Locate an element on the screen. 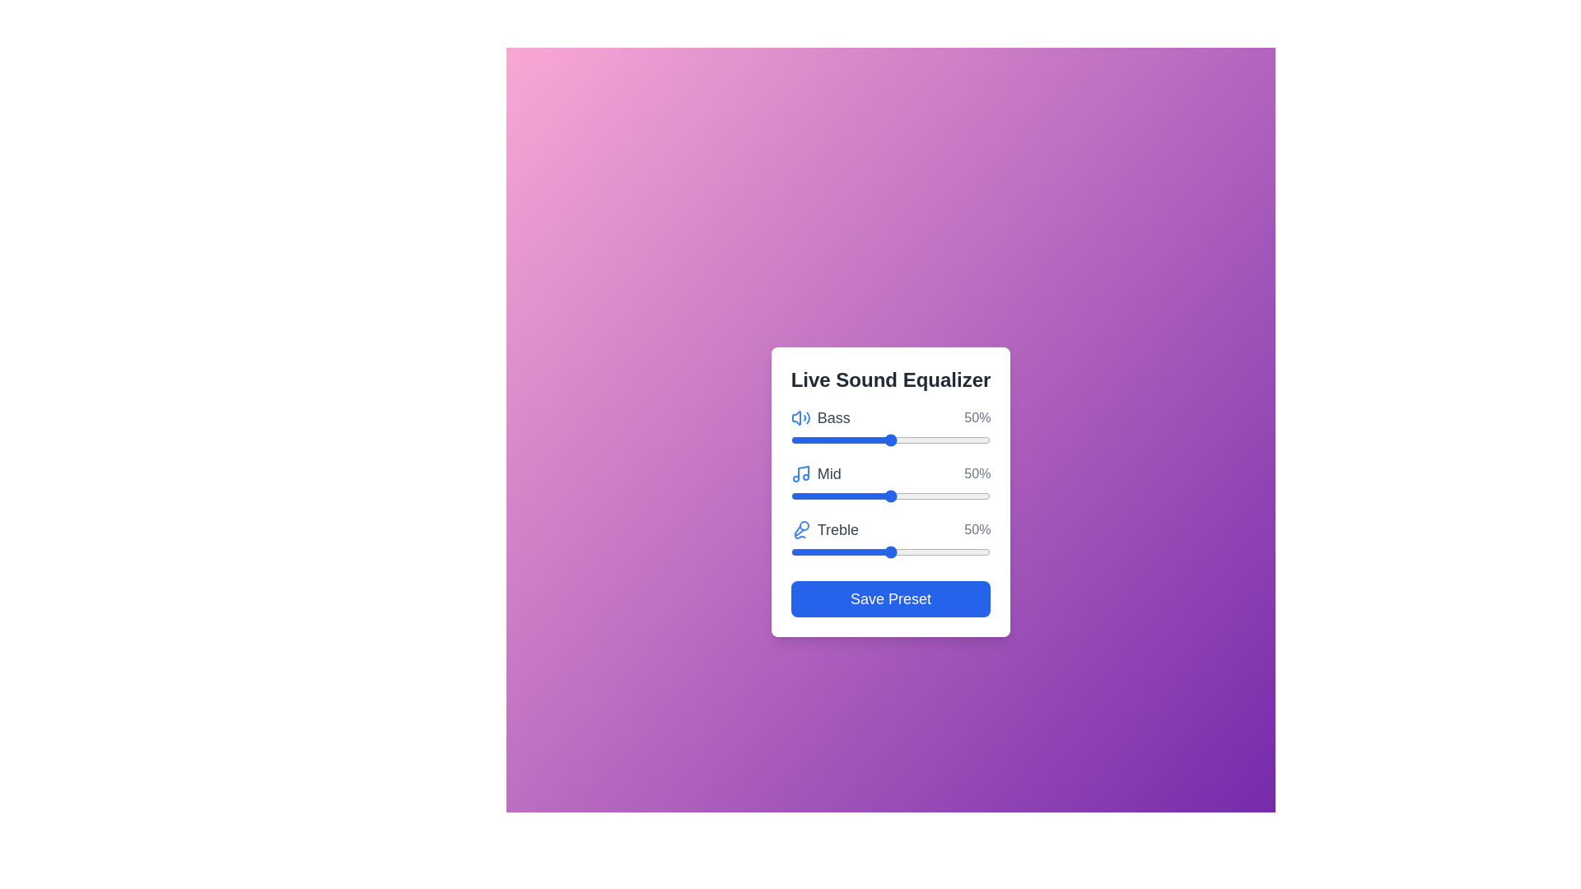  the Bass slider to 41% is located at coordinates (872, 440).